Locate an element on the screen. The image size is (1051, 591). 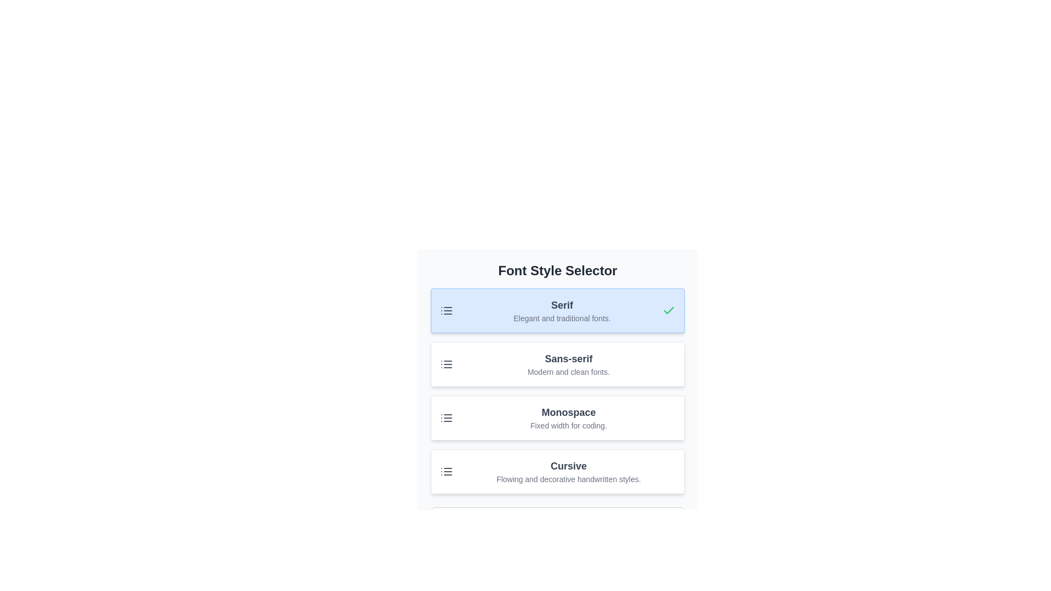
the green checkmark icon located in the top-right corner of the 'Serif' option card, which indicates a positive or selected state is located at coordinates (668, 310).